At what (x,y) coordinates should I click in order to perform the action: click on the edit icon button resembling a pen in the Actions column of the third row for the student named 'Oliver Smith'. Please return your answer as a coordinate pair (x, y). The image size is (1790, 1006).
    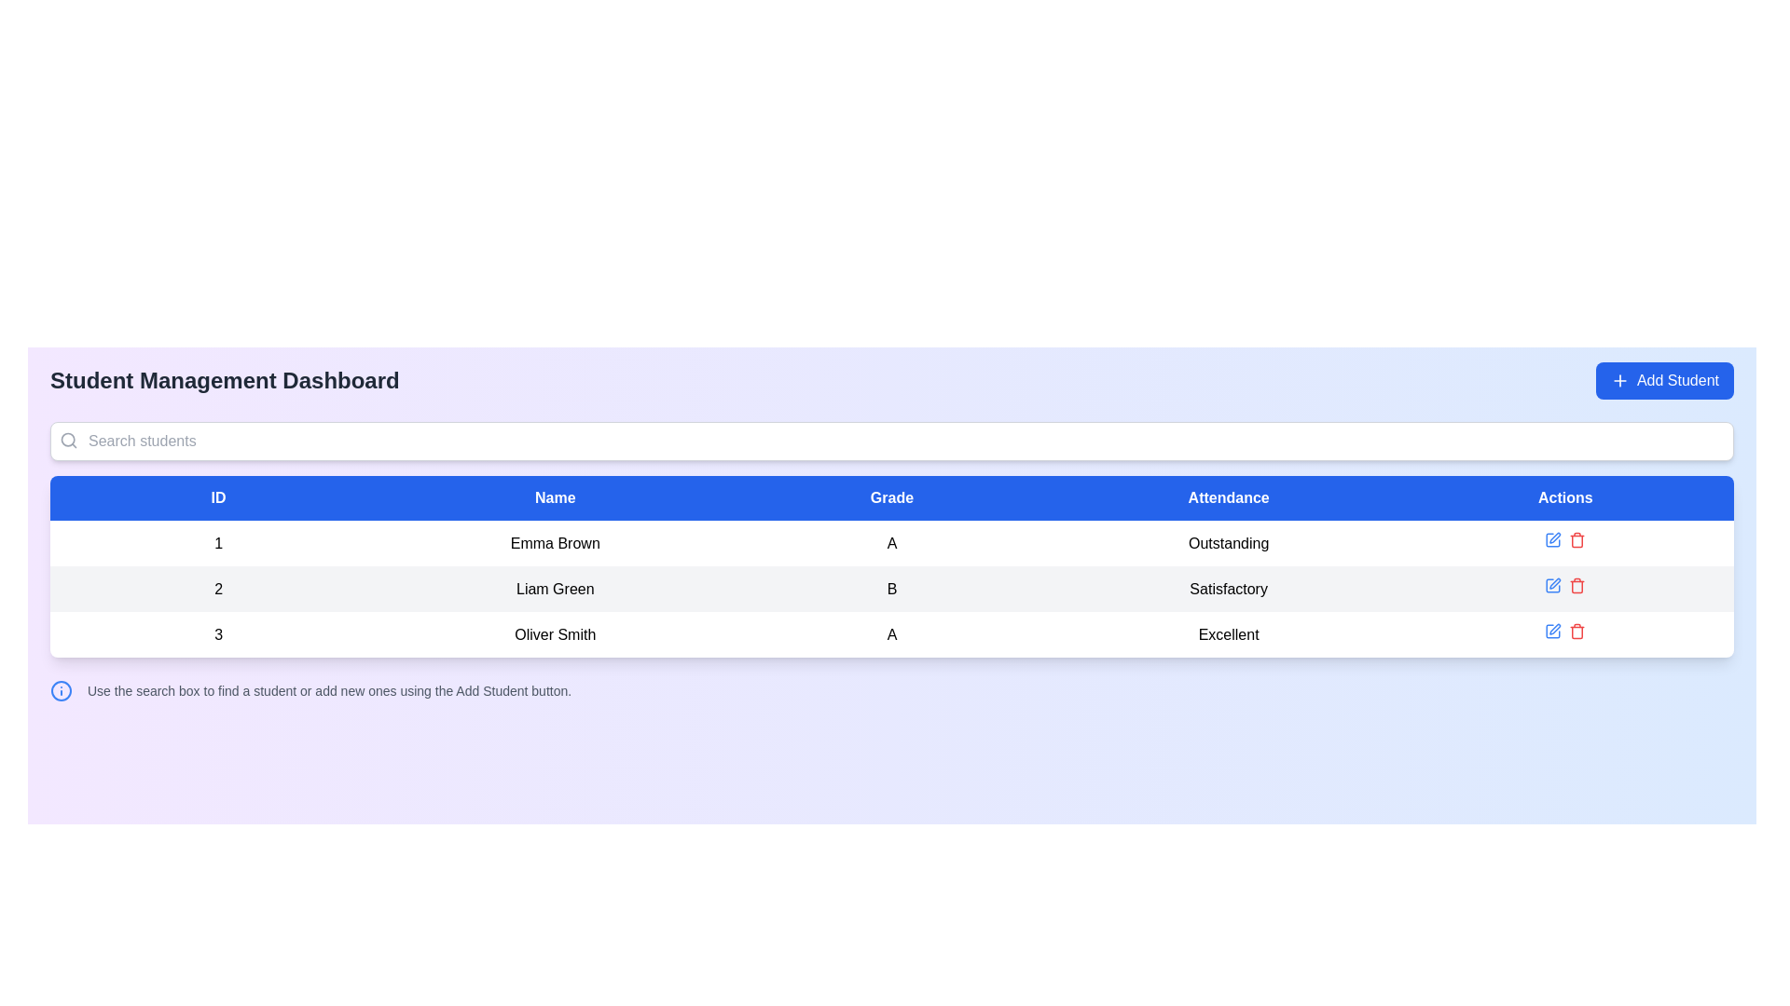
    Looking at the image, I should click on (1555, 629).